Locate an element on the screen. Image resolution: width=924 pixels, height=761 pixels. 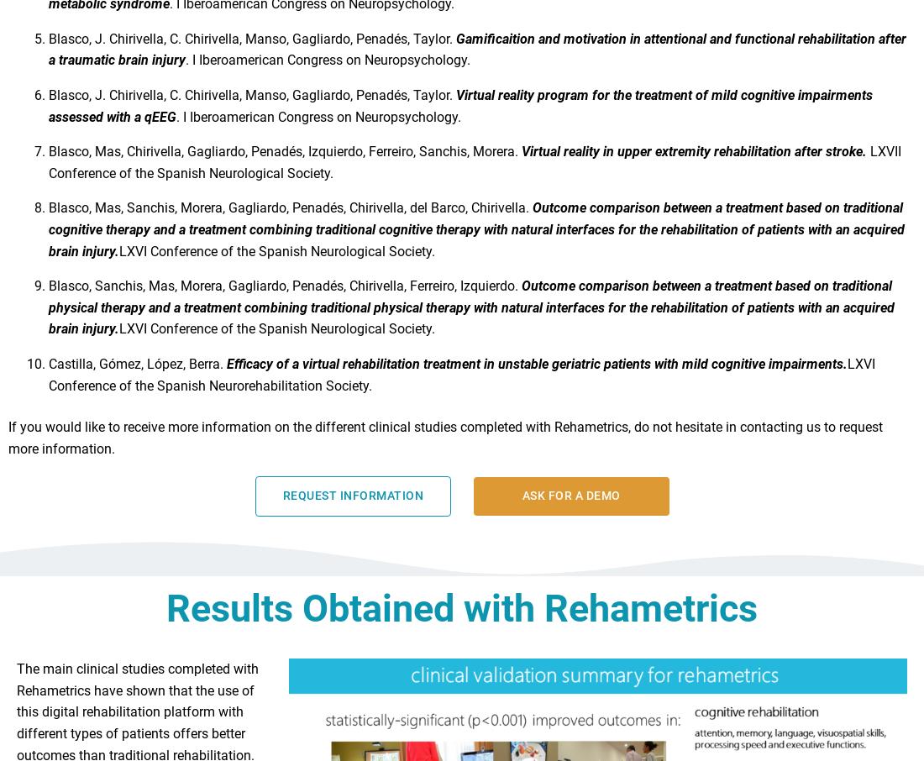
'LXVII Conference of the Spanish Neurological Society.' is located at coordinates (474, 169).